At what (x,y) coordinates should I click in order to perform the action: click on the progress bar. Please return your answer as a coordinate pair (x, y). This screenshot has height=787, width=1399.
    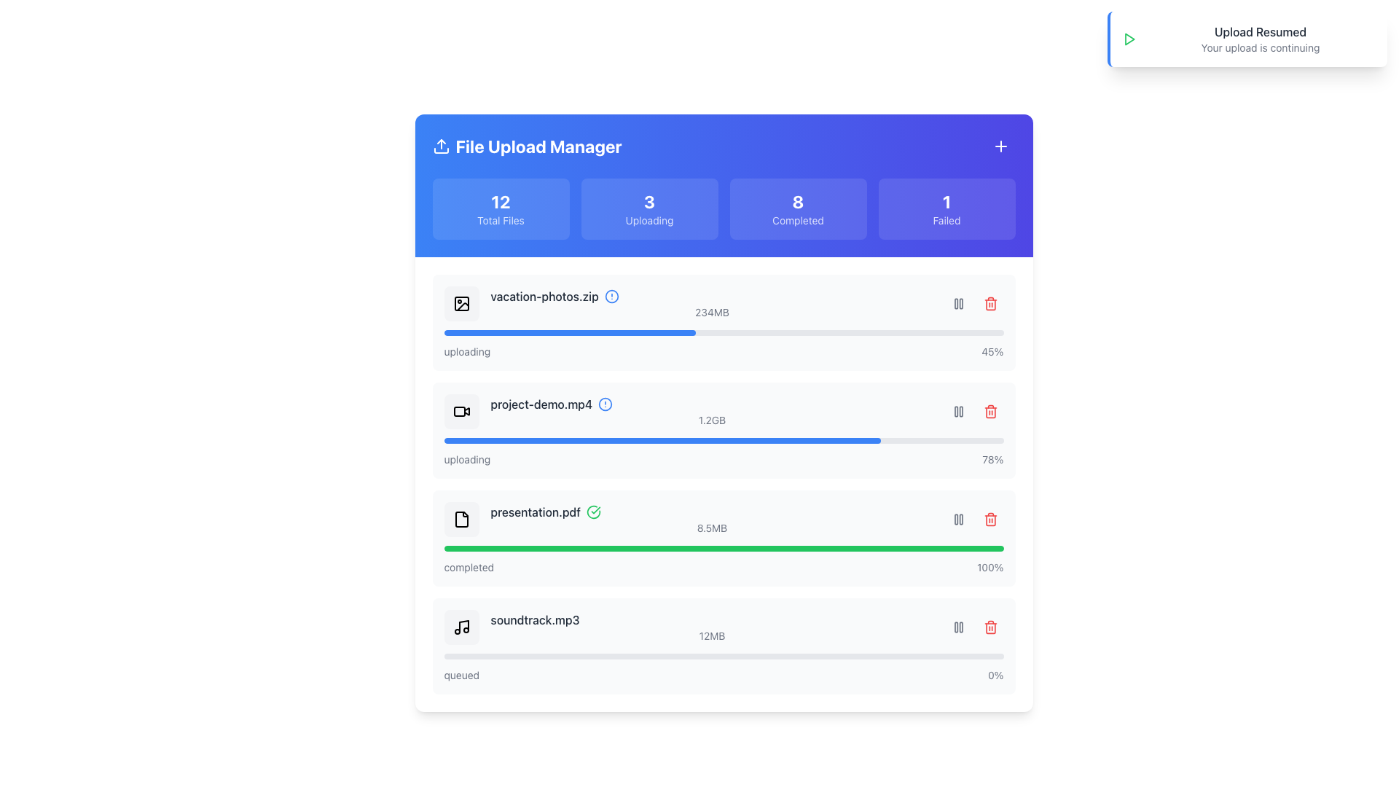
    Looking at the image, I should click on (632, 332).